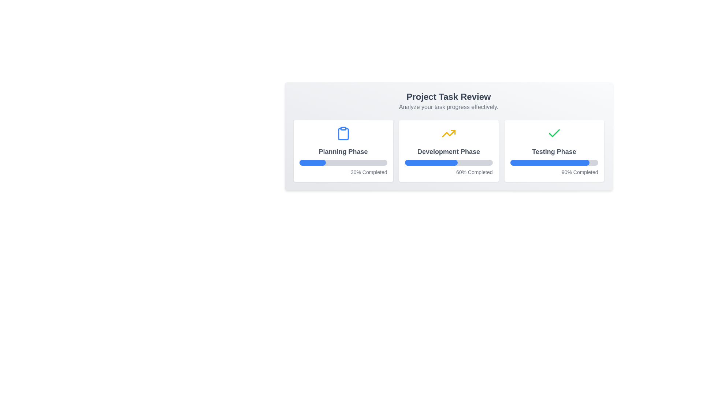 The image size is (703, 395). I want to click on the graphical arrow icon representing progress in the Development Phase card located at the center of the top part of the card, so click(448, 133).